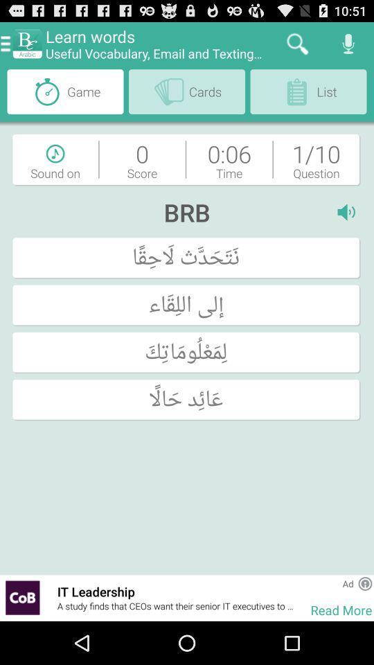 This screenshot has width=374, height=665. I want to click on see more information, so click(365, 583).